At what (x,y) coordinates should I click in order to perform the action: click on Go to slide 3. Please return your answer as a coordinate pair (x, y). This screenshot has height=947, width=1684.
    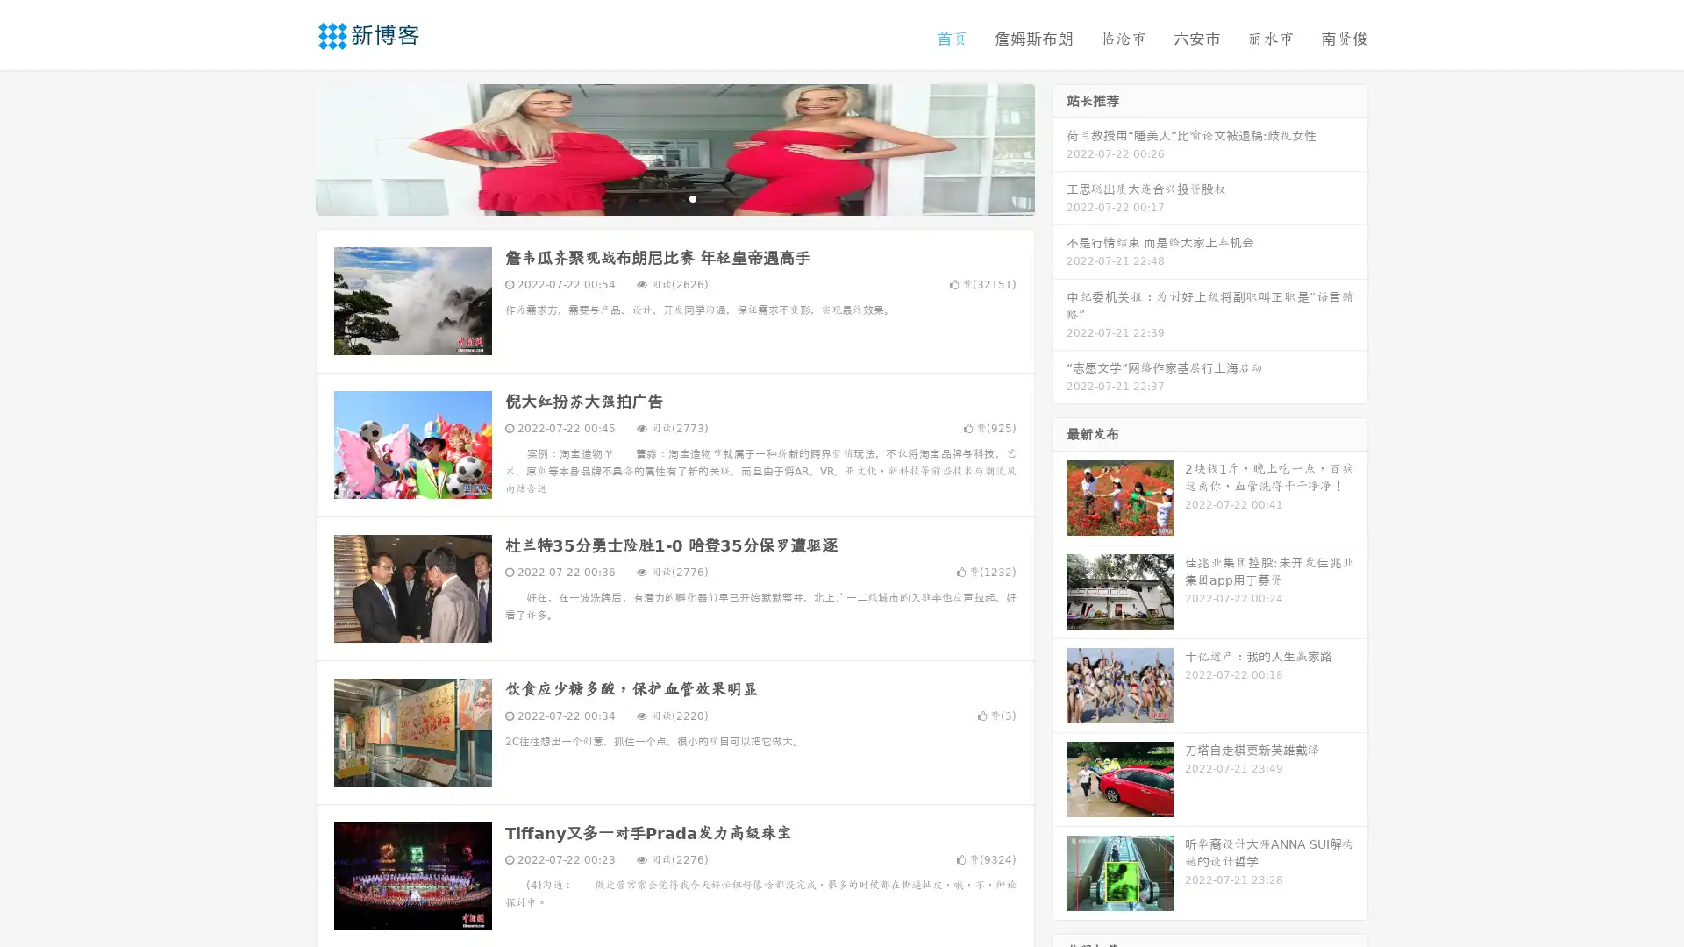
    Looking at the image, I should click on (692, 197).